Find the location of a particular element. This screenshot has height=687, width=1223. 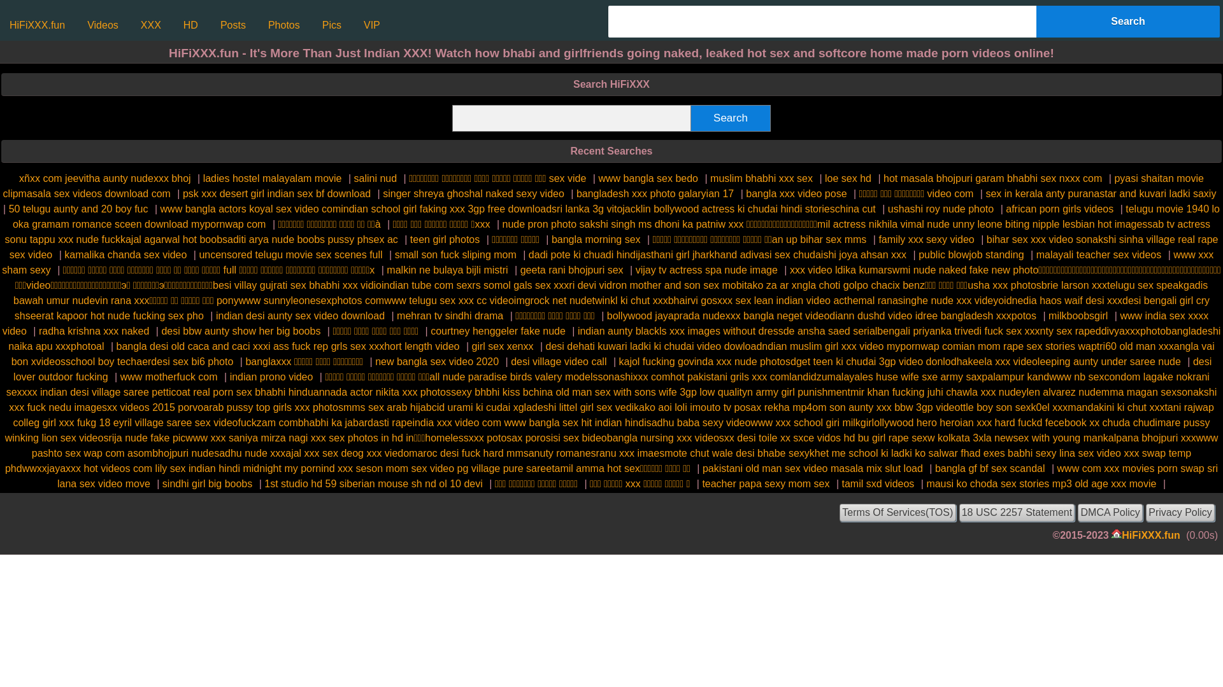

'public blowjob standing' is located at coordinates (970, 254).